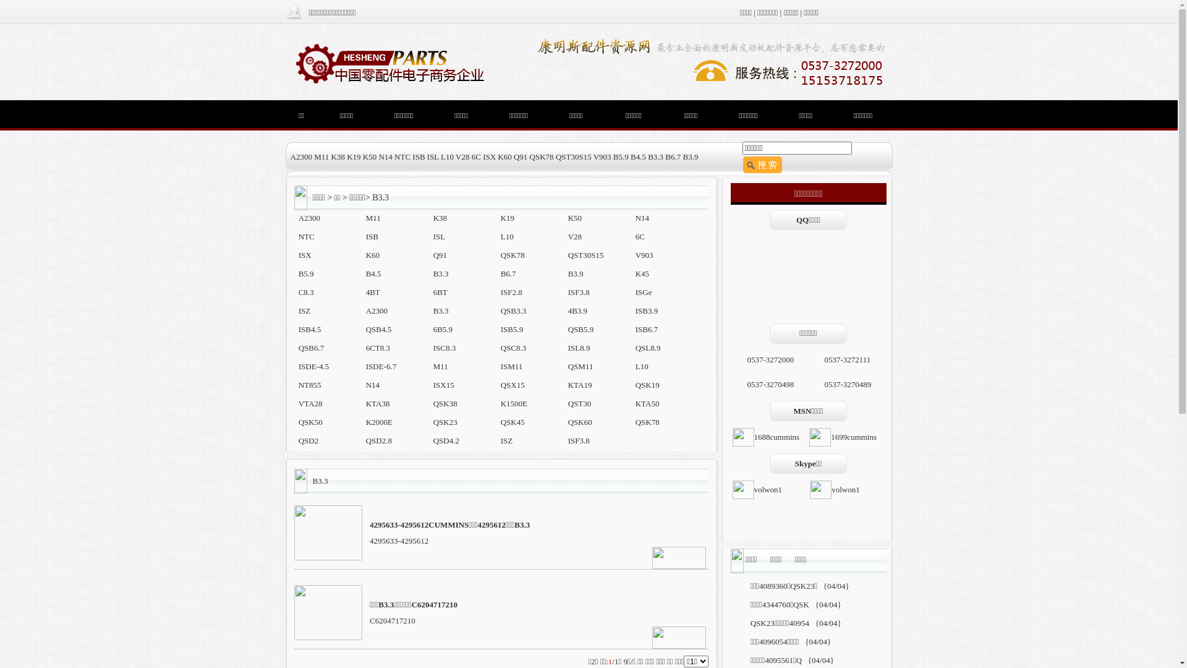 The image size is (1187, 668). I want to click on 'K45', so click(642, 273).